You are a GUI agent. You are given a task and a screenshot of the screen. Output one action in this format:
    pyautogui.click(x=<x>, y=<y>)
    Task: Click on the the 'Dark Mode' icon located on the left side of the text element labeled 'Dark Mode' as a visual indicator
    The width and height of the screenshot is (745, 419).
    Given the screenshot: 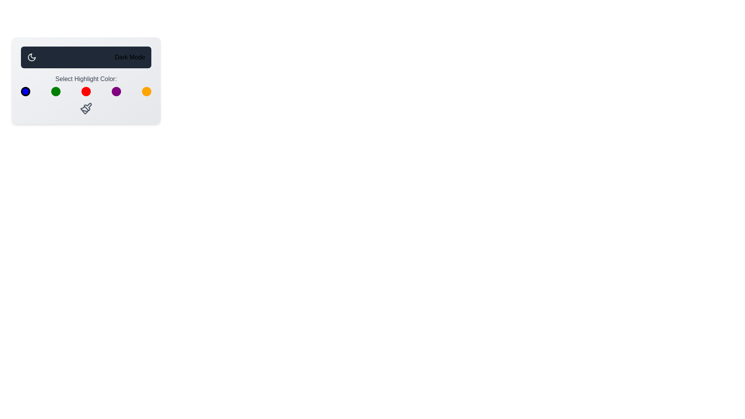 What is the action you would take?
    pyautogui.click(x=31, y=57)
    